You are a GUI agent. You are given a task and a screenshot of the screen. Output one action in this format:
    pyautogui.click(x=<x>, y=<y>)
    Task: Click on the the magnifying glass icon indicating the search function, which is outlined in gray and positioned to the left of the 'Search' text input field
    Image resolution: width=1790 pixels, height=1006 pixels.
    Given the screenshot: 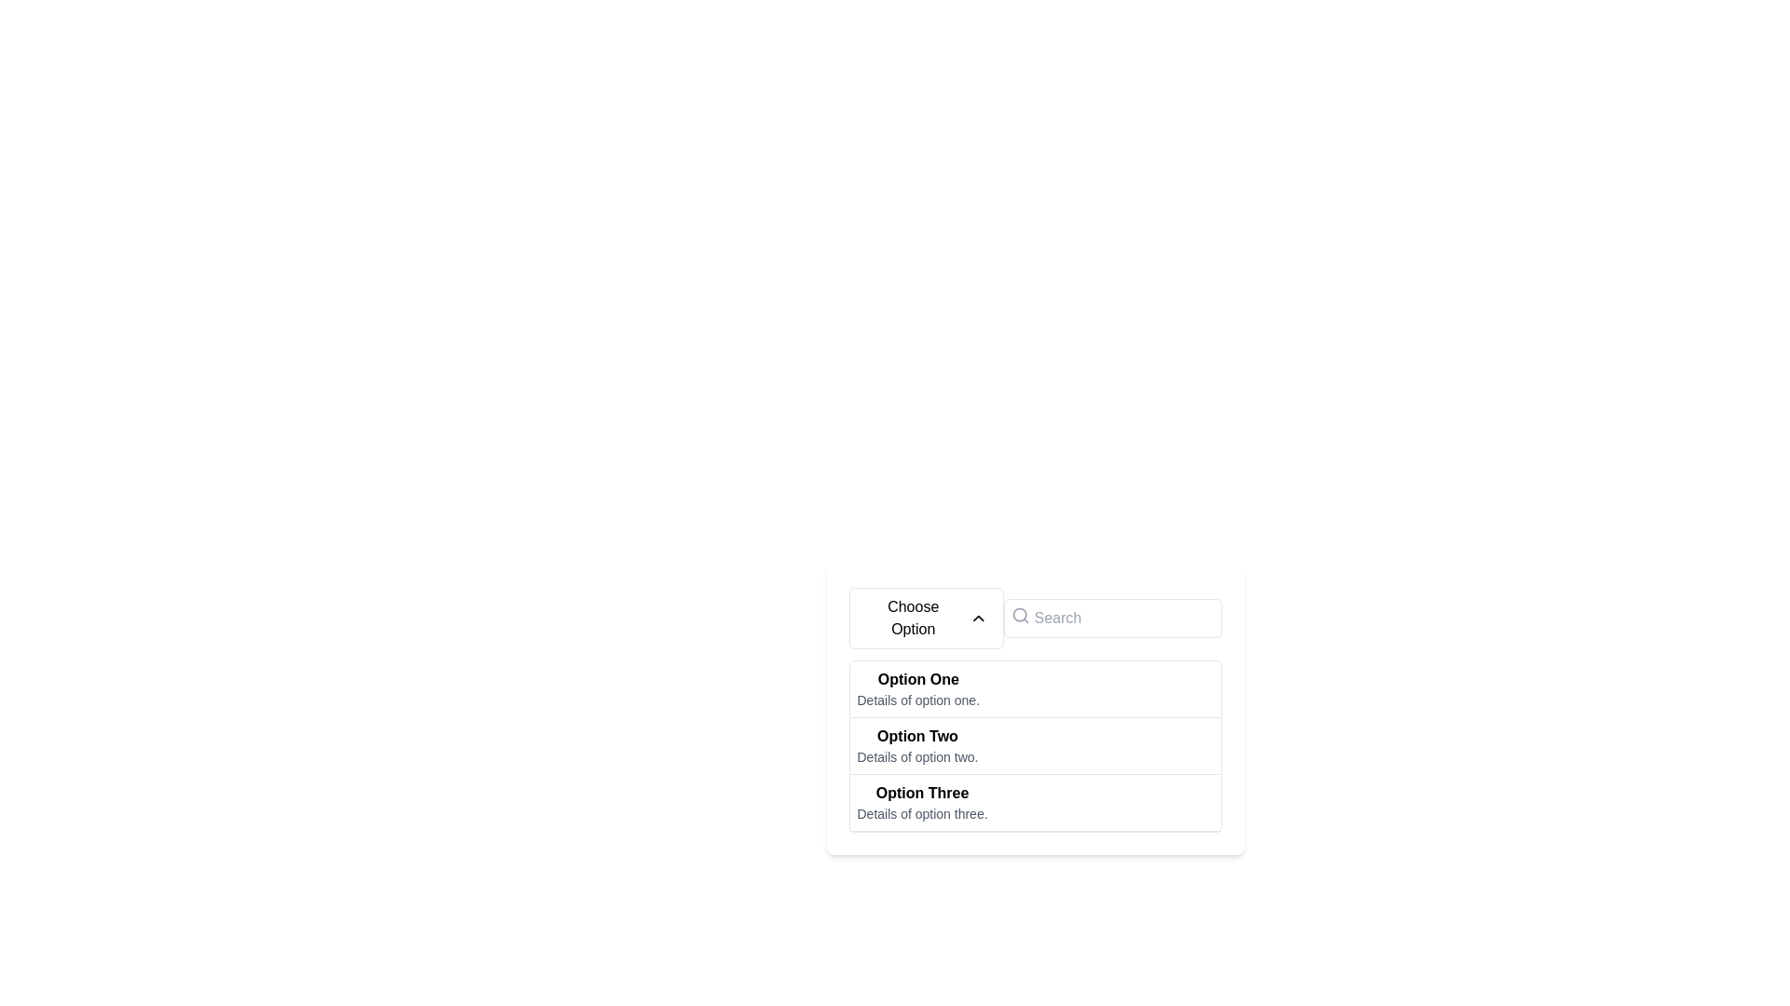 What is the action you would take?
    pyautogui.click(x=1019, y=615)
    